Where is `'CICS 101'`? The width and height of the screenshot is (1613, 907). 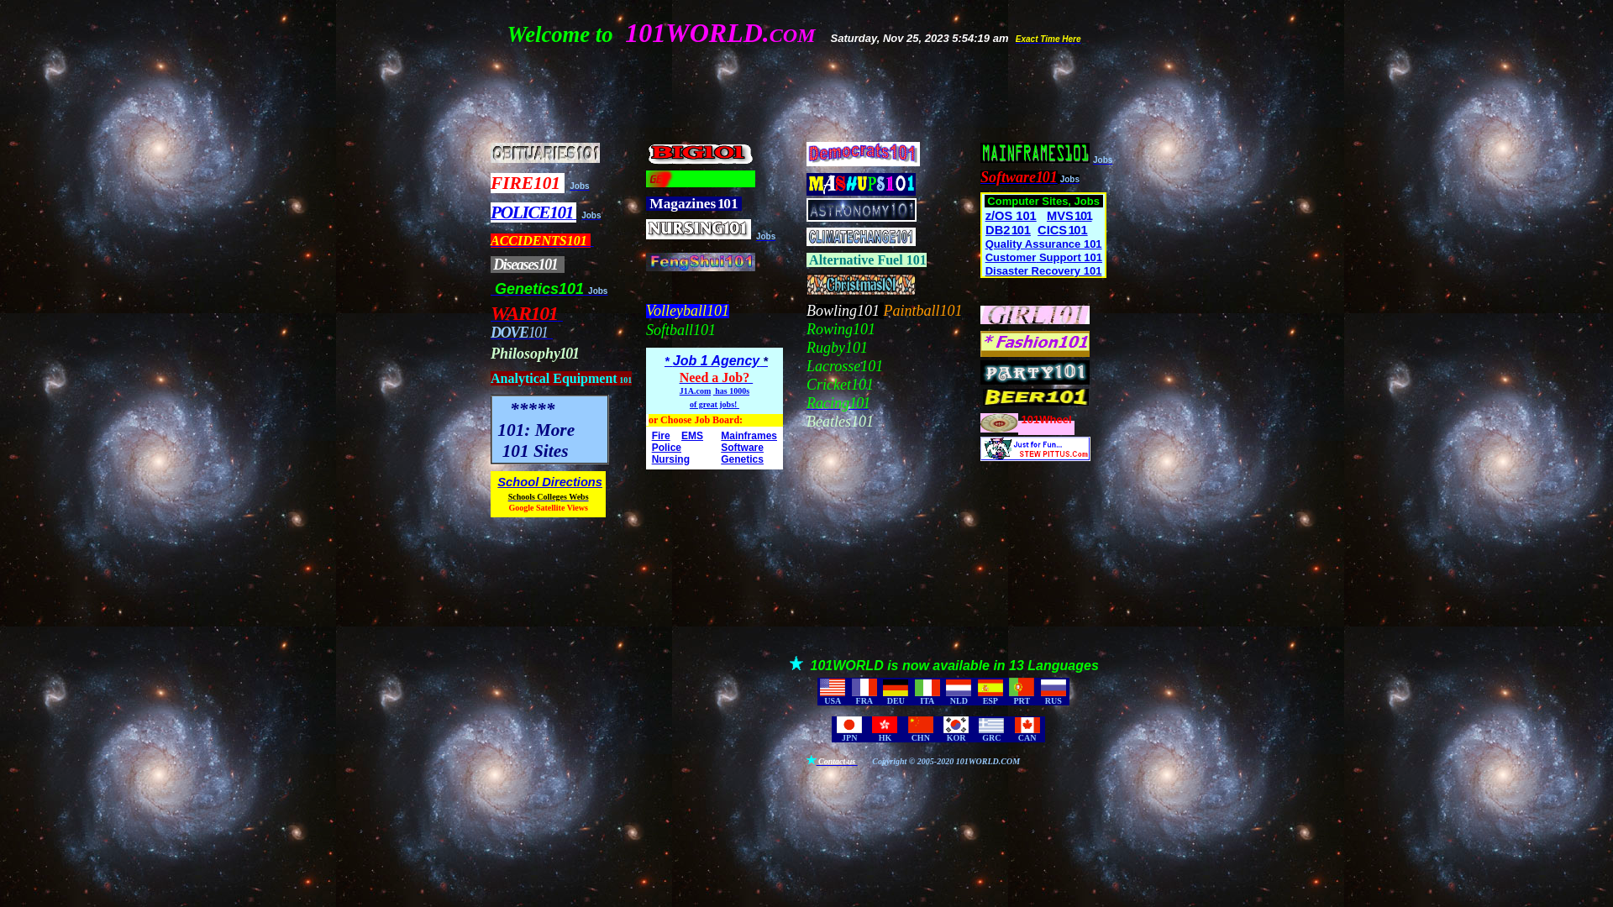 'CICS 101' is located at coordinates (1036, 229).